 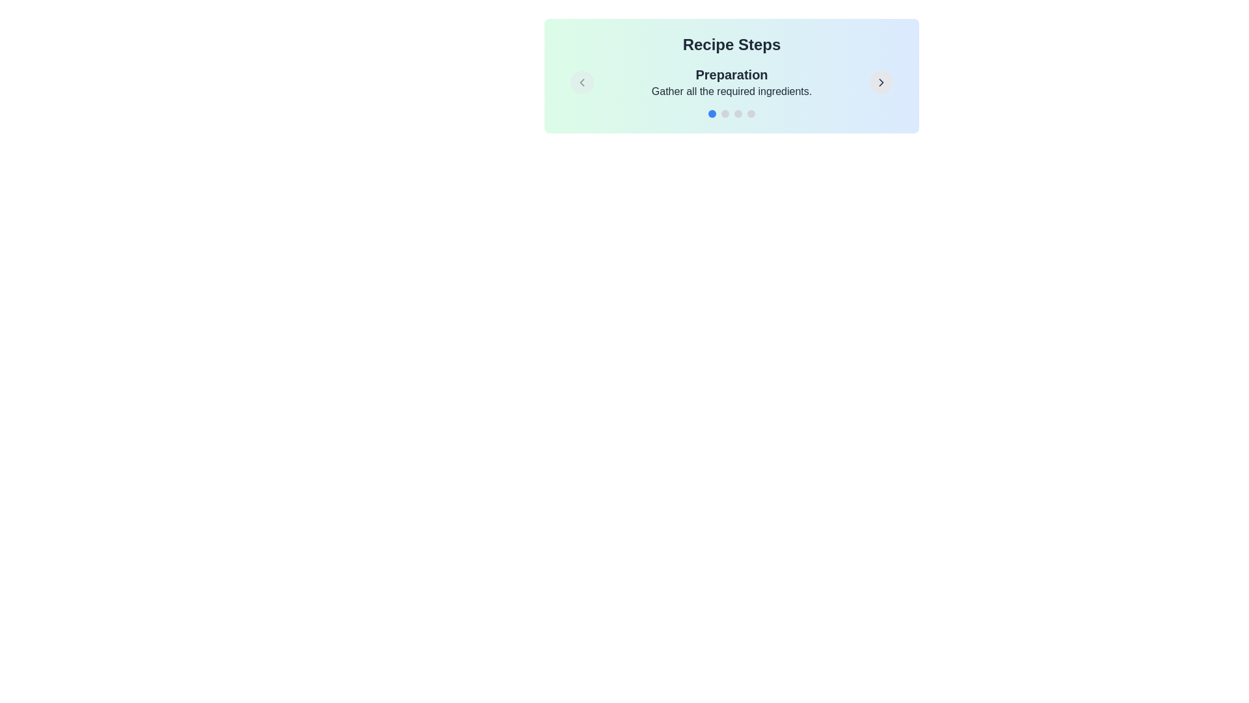 I want to click on the left-pointing chevron button with a light gray background located on the far left side of the navigation bar, so click(x=581, y=83).